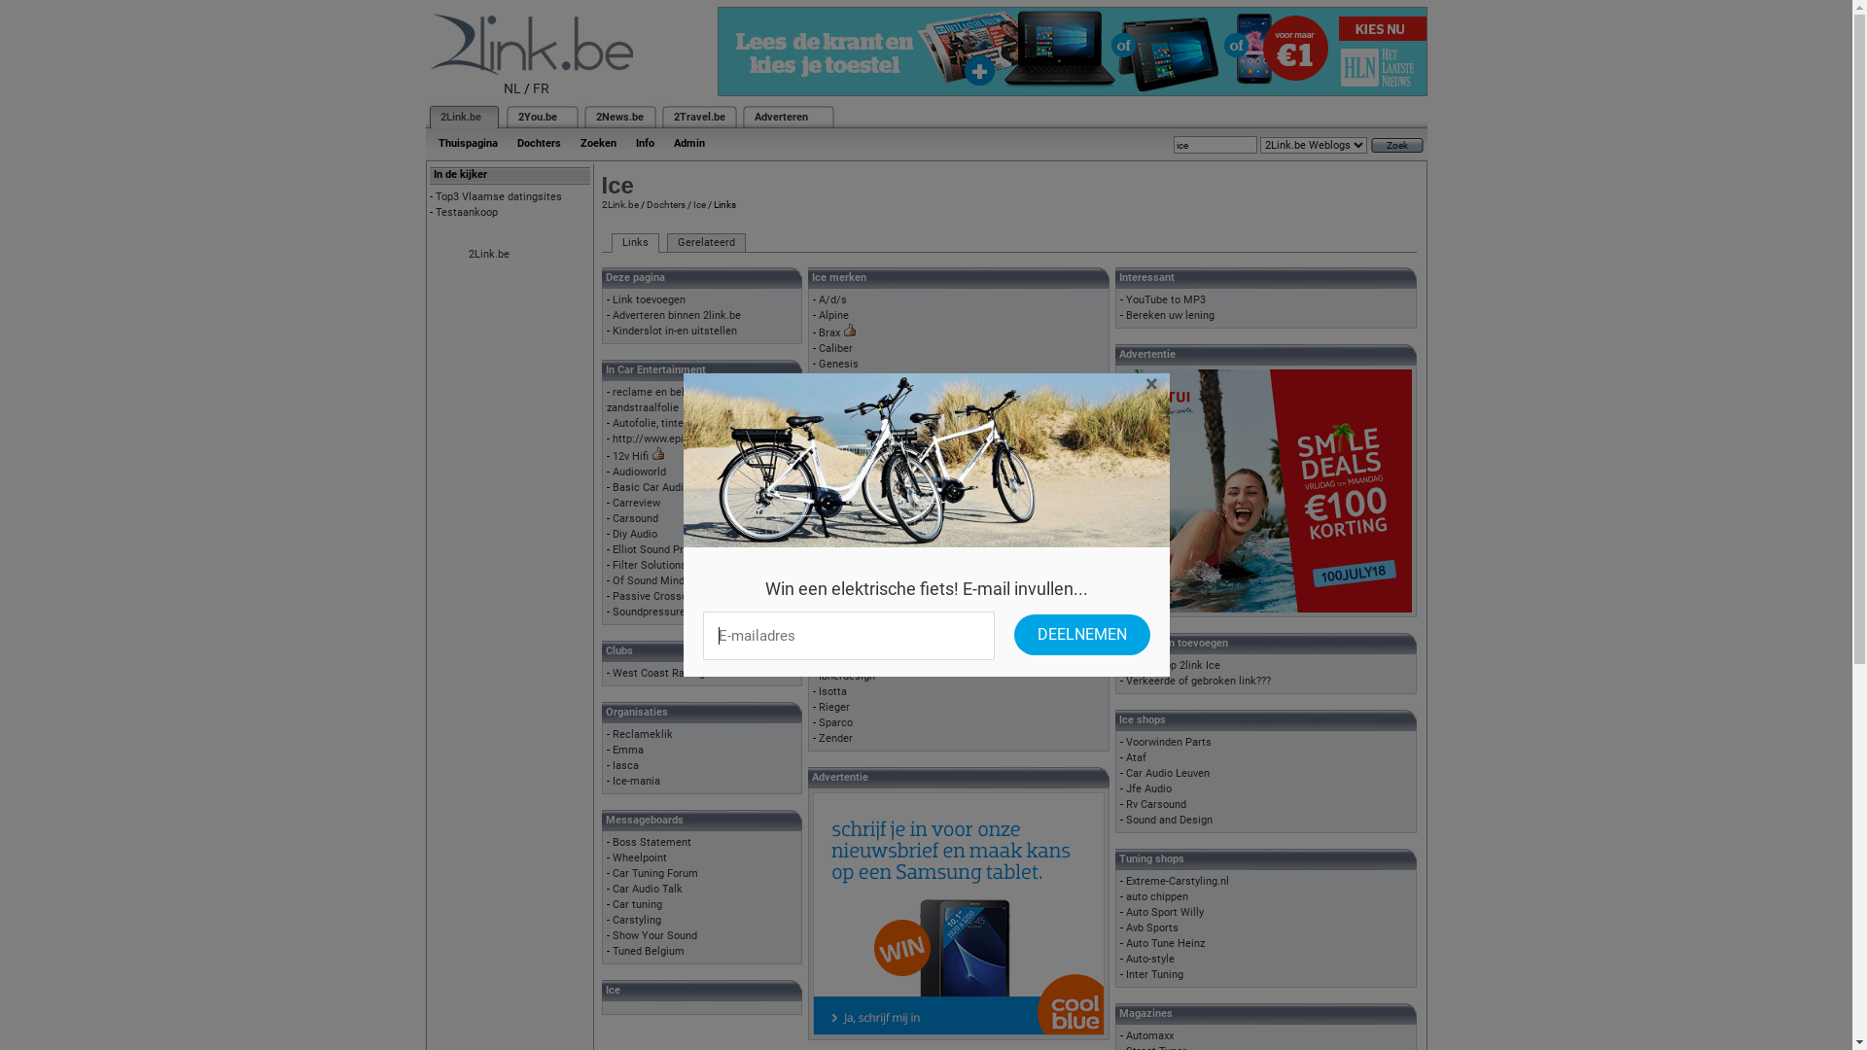 The image size is (1867, 1050). Describe the element at coordinates (1152, 927) in the screenshot. I see `'Avb Sports'` at that location.